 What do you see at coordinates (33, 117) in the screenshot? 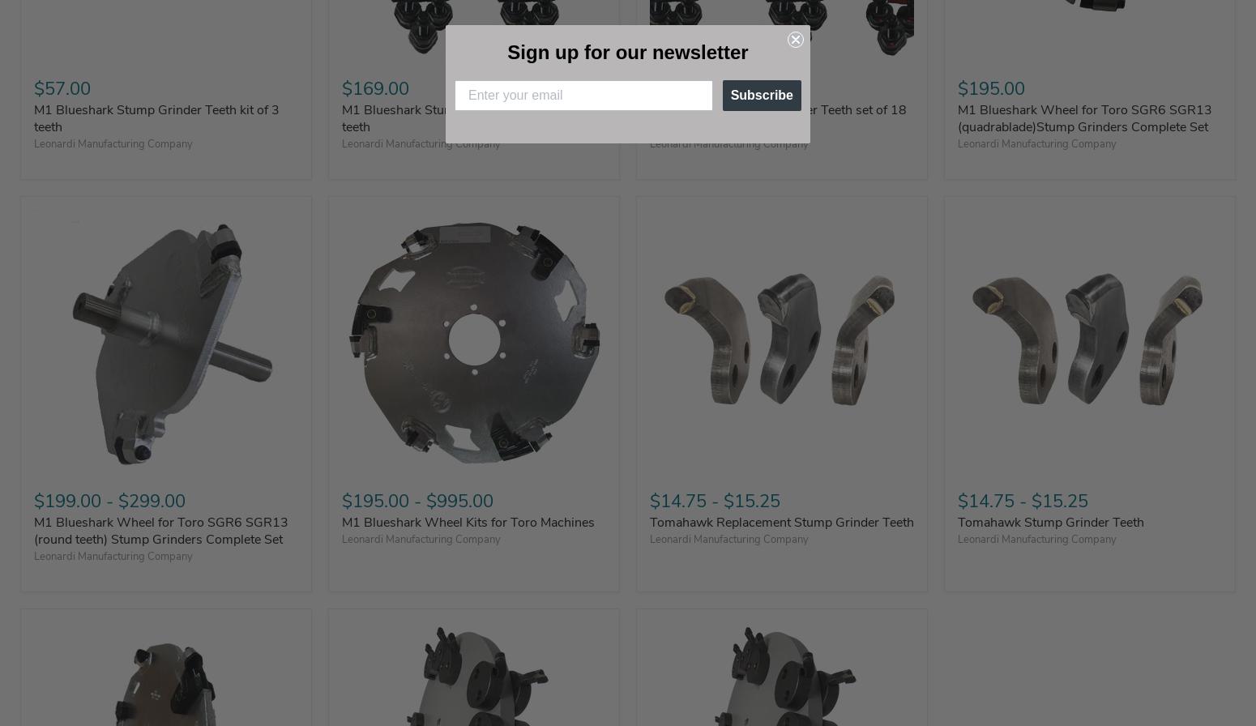
I see `'M1 Blueshark Stump Grinder Teeth kit of 3 teeth'` at bounding box center [33, 117].